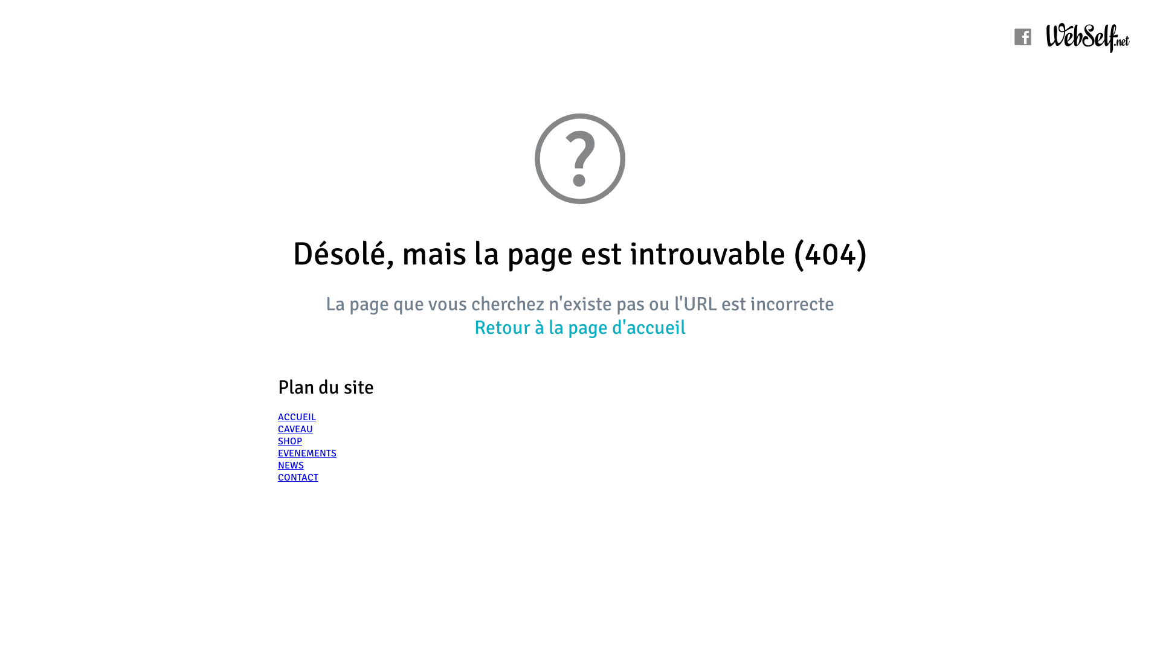 This screenshot has height=652, width=1160. What do you see at coordinates (297, 416) in the screenshot?
I see `'ACCUEIL'` at bounding box center [297, 416].